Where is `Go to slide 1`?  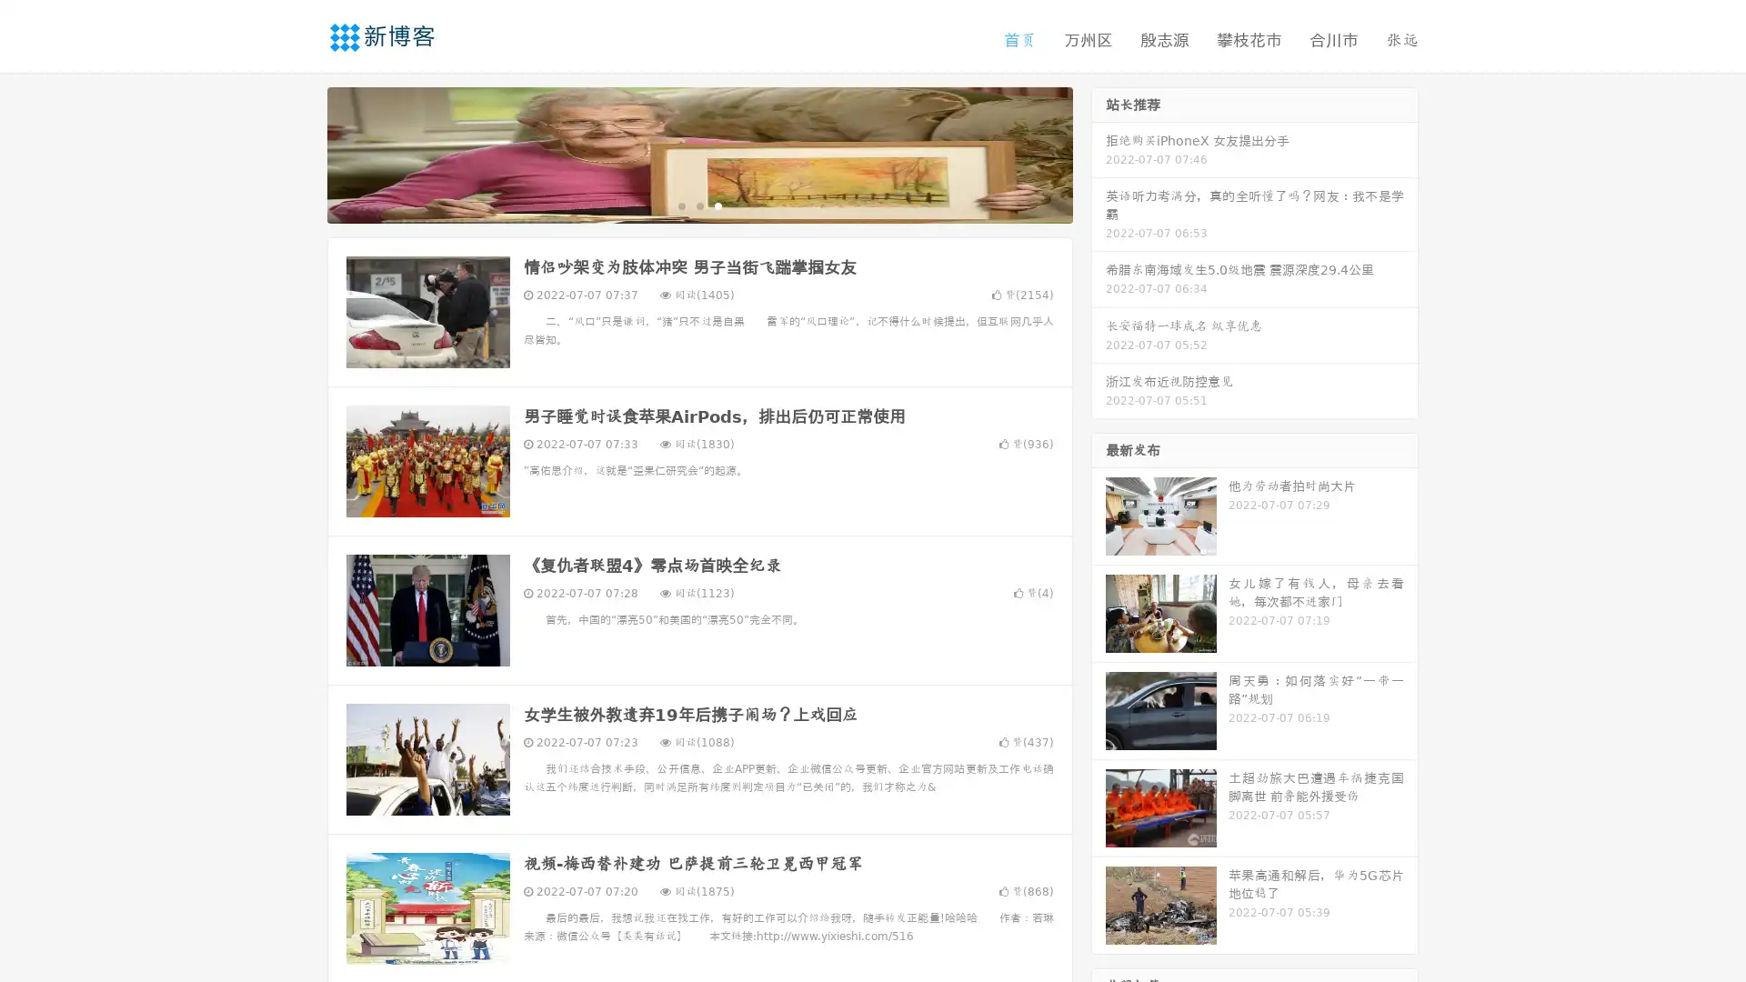 Go to slide 1 is located at coordinates (680, 205).